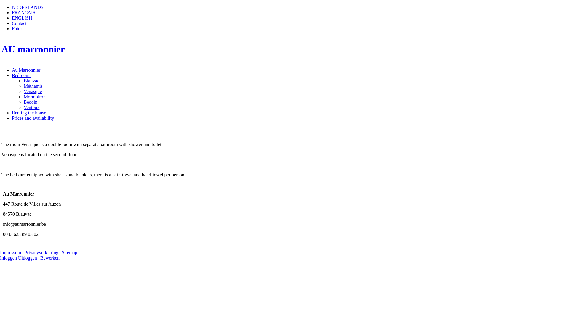 This screenshot has height=320, width=569. I want to click on 'Foto's', so click(17, 28).